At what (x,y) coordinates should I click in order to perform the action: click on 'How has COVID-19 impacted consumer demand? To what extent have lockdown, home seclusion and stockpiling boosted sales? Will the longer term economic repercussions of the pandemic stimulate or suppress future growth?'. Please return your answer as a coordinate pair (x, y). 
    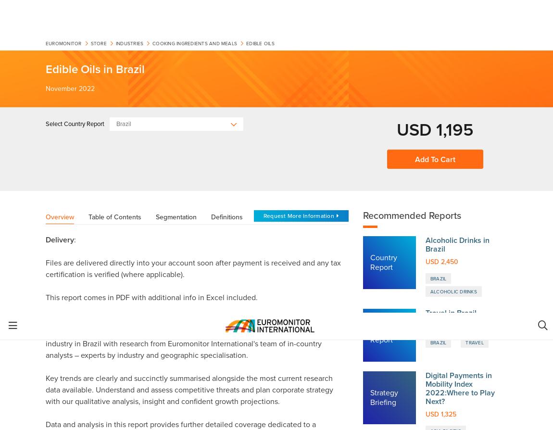
    Looking at the image, I should click on (200, 411).